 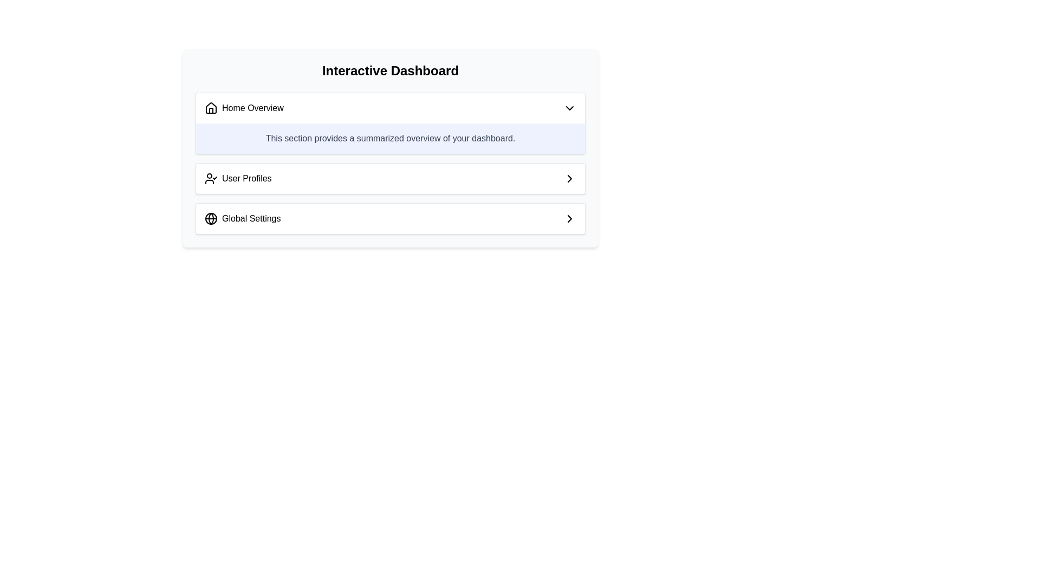 What do you see at coordinates (569, 108) in the screenshot?
I see `the downward-pointing chevron icon located to the right of 'Home Overview'` at bounding box center [569, 108].